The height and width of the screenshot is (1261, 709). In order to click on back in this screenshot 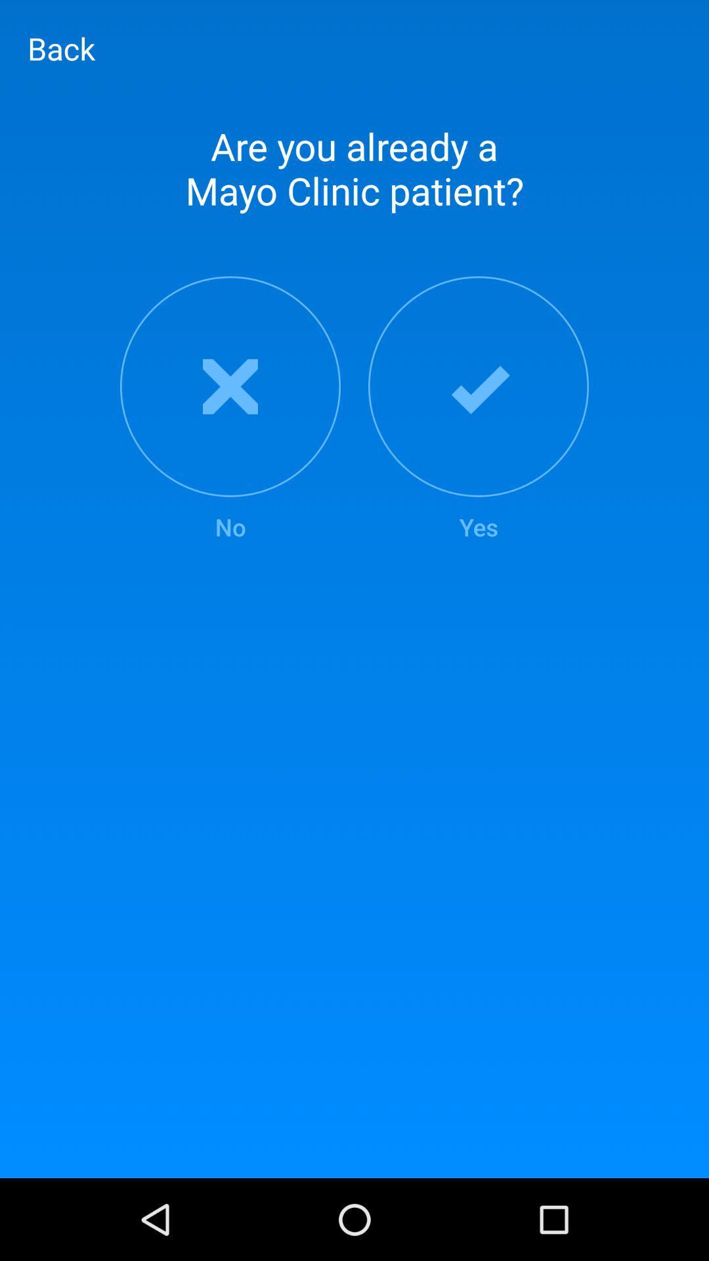, I will do `click(61, 48)`.